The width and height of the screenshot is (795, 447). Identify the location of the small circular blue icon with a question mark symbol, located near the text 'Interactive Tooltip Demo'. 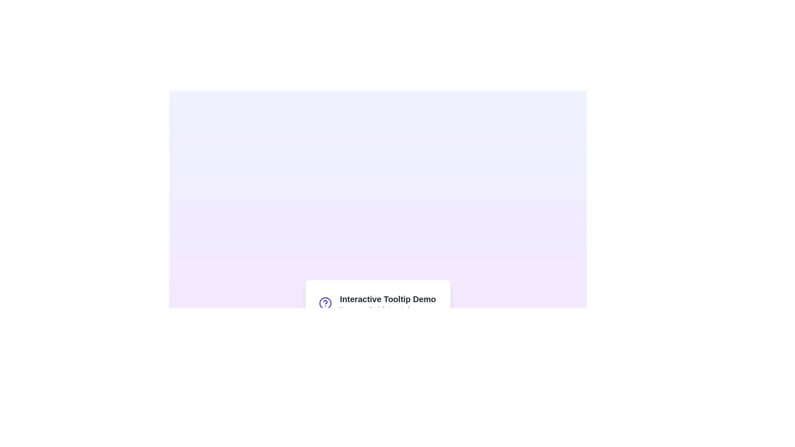
(325, 303).